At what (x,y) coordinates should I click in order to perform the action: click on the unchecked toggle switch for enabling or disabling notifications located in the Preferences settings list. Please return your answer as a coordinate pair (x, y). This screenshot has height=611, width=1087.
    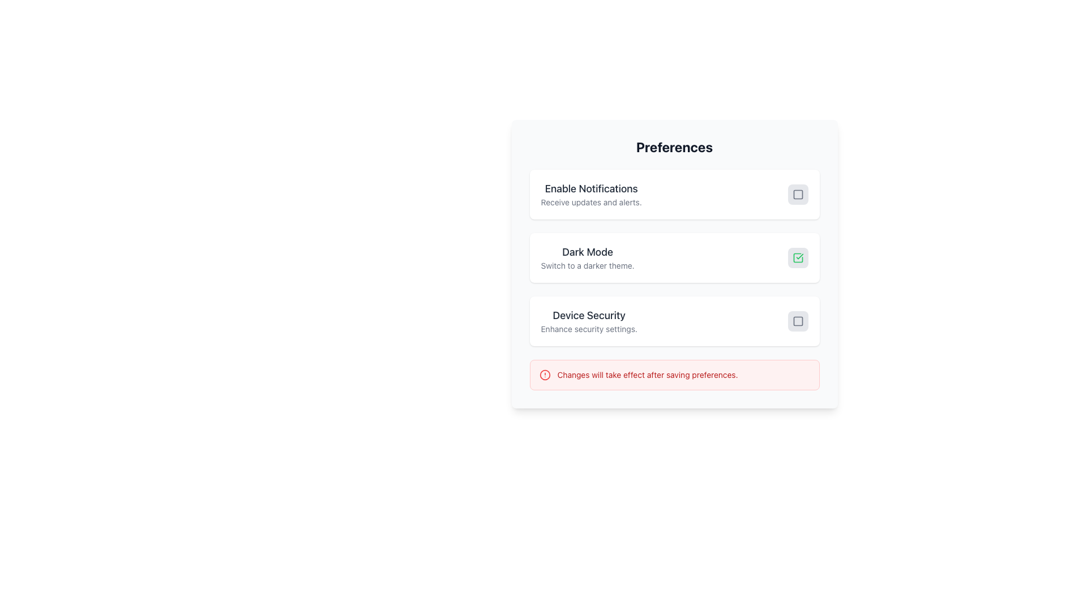
    Looking at the image, I should click on (797, 193).